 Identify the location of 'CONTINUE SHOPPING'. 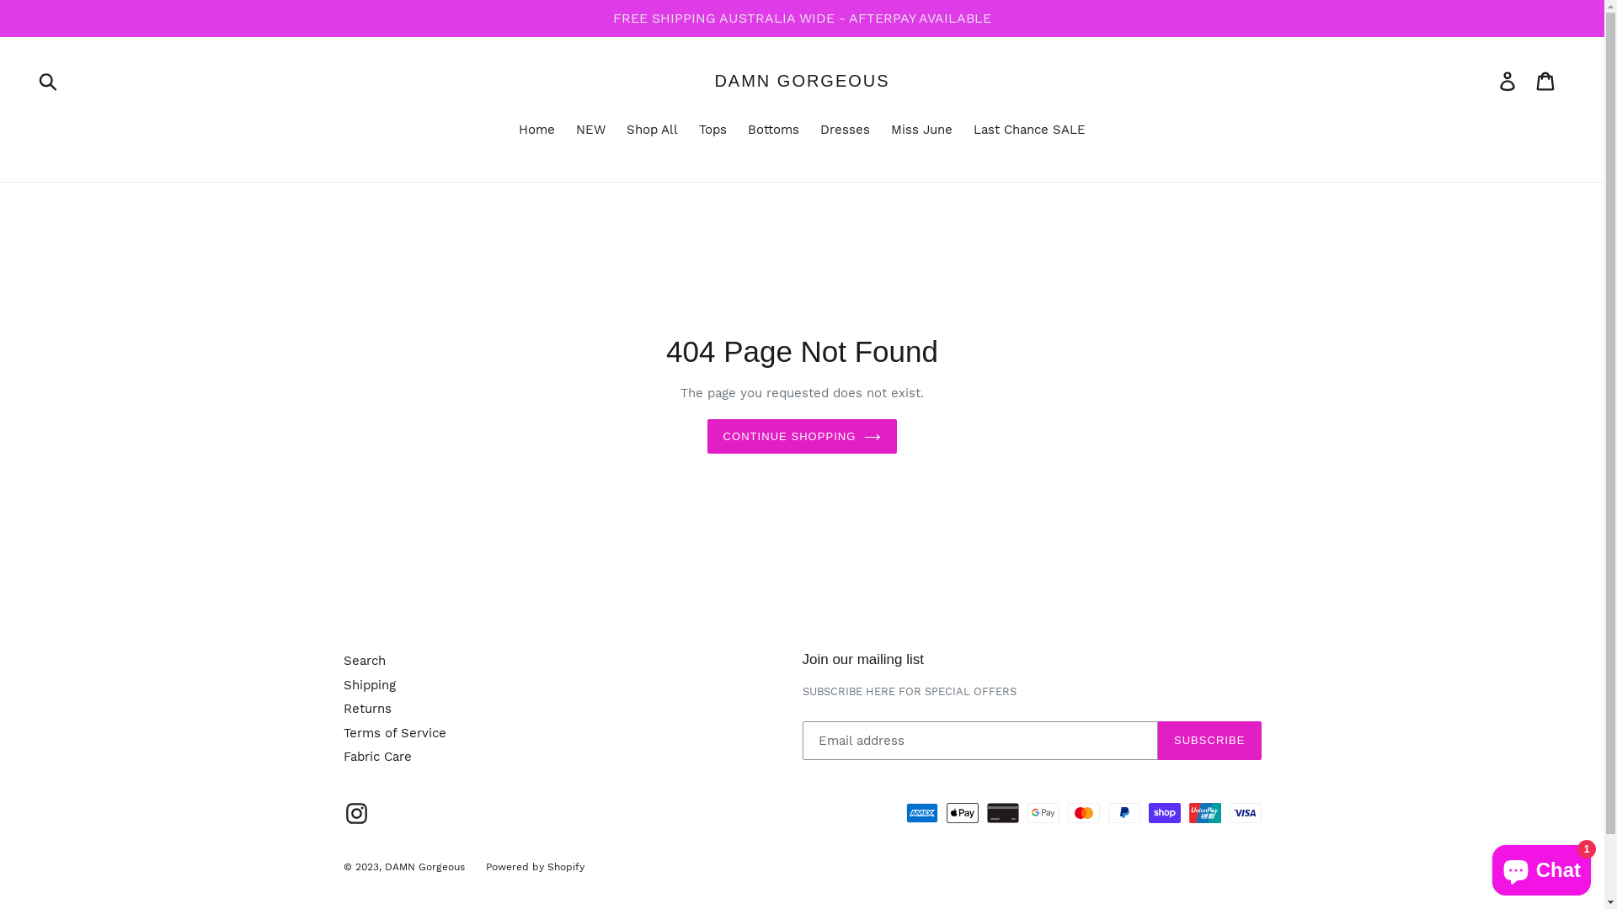
(802, 436).